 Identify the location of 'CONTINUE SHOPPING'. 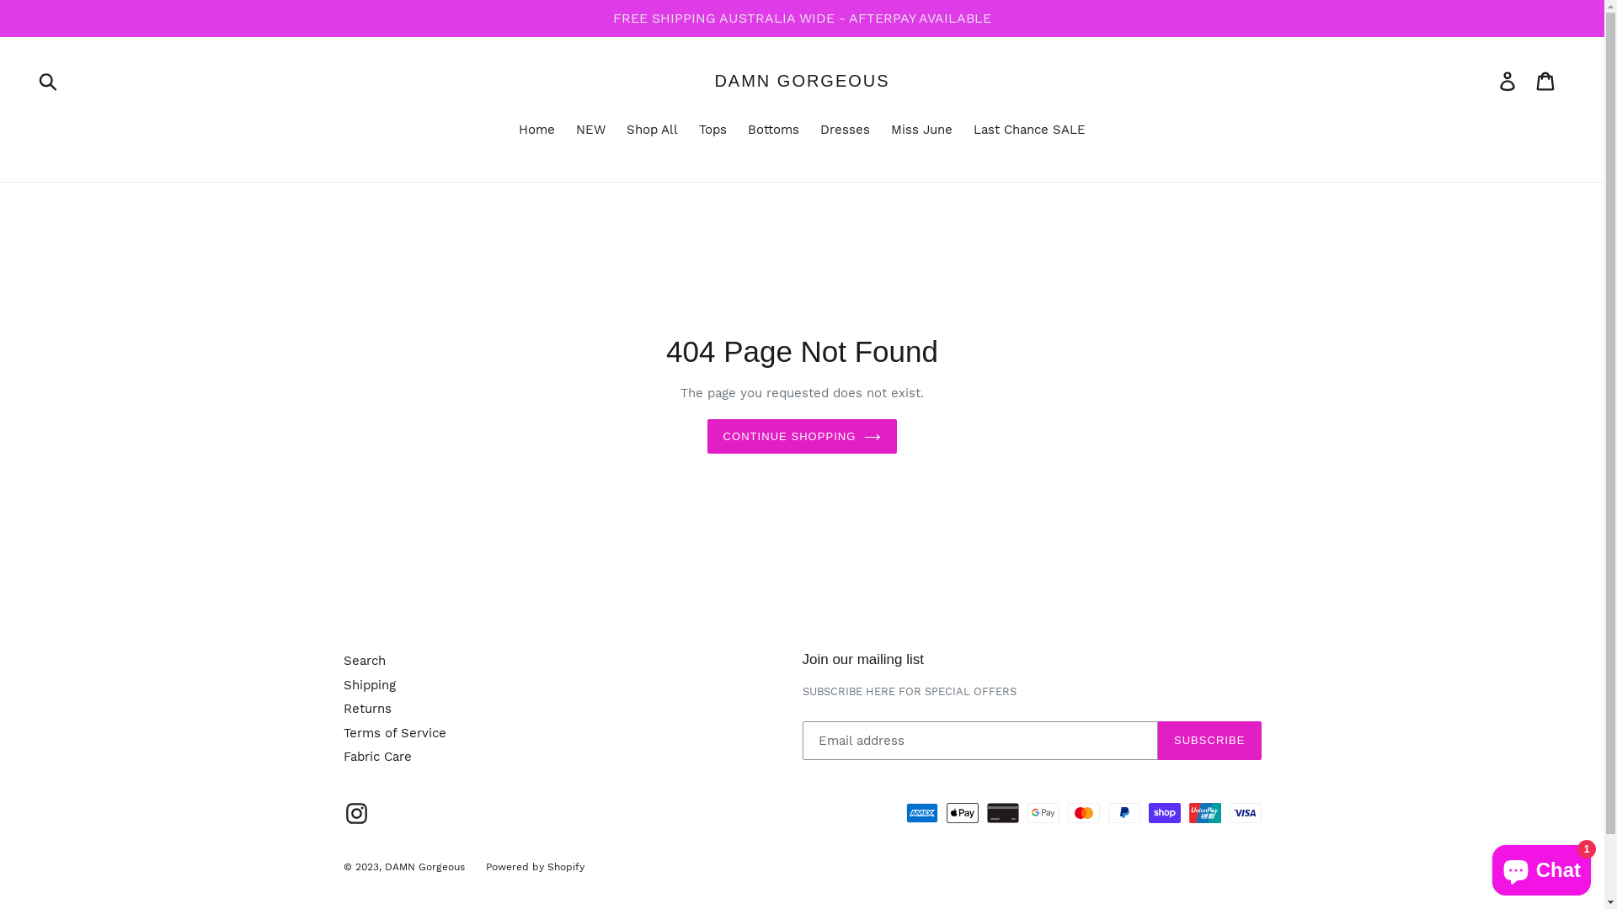
(802, 436).